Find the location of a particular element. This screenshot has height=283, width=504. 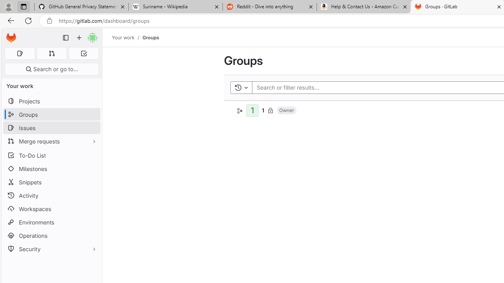

'Assigned issues 0' is located at coordinates (20, 53).